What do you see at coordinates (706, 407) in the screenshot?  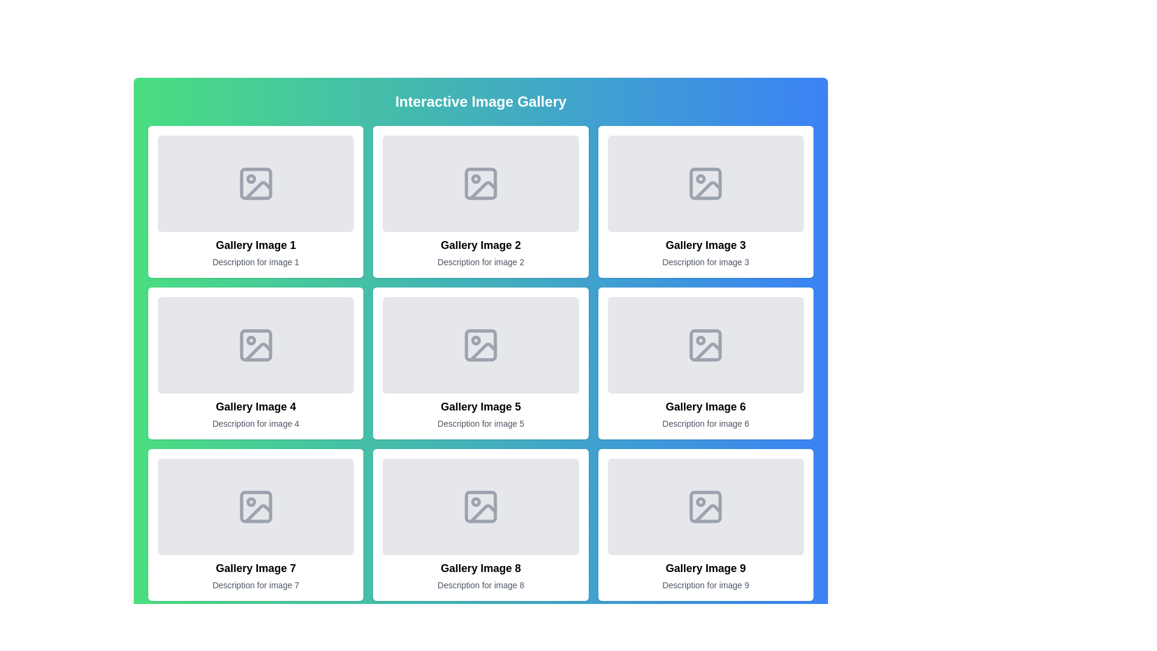 I see `the text label reading 'Gallery Image 6', which is styled with bold and large font and positioned in the lower section of a card layout` at bounding box center [706, 407].